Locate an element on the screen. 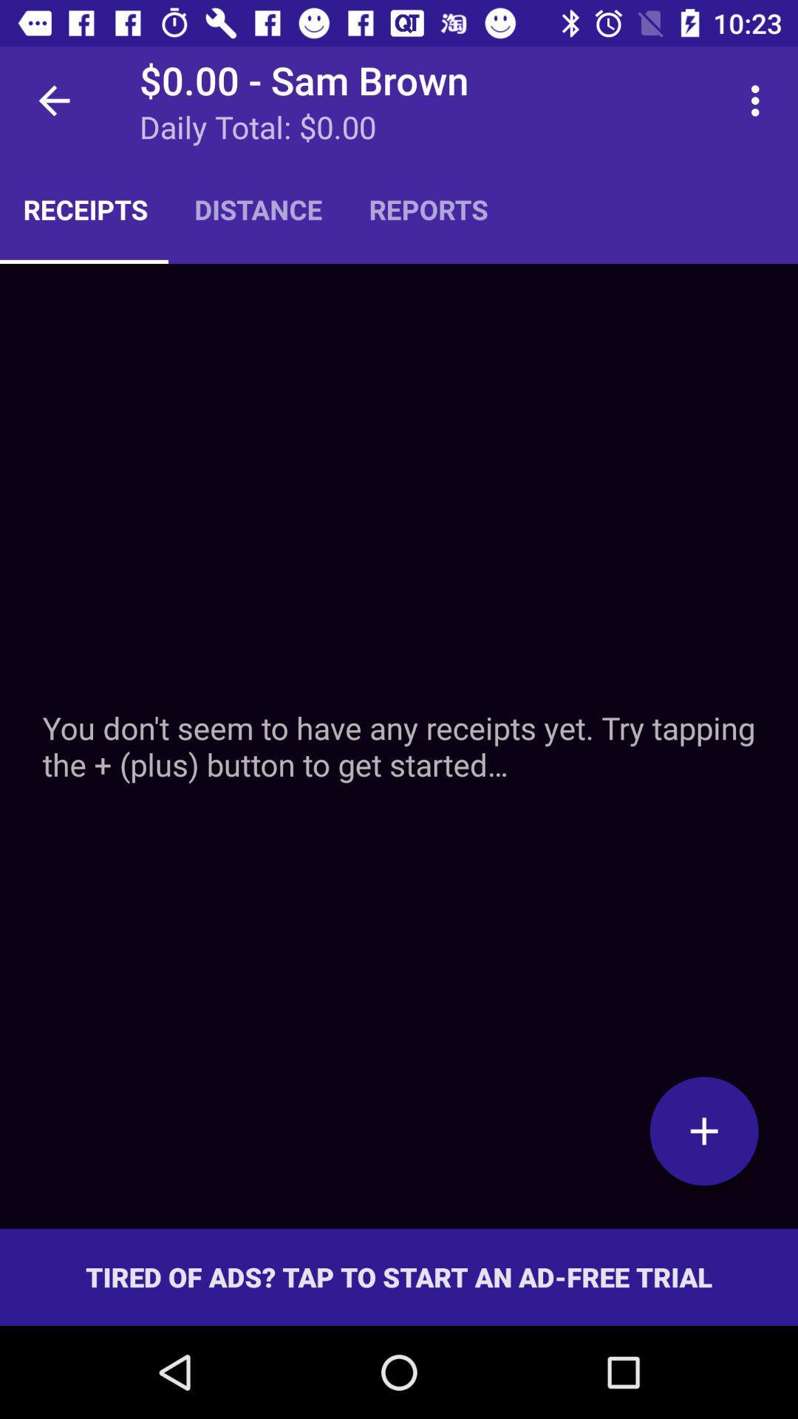 This screenshot has width=798, height=1419. icon below the receipts is located at coordinates (399, 746).